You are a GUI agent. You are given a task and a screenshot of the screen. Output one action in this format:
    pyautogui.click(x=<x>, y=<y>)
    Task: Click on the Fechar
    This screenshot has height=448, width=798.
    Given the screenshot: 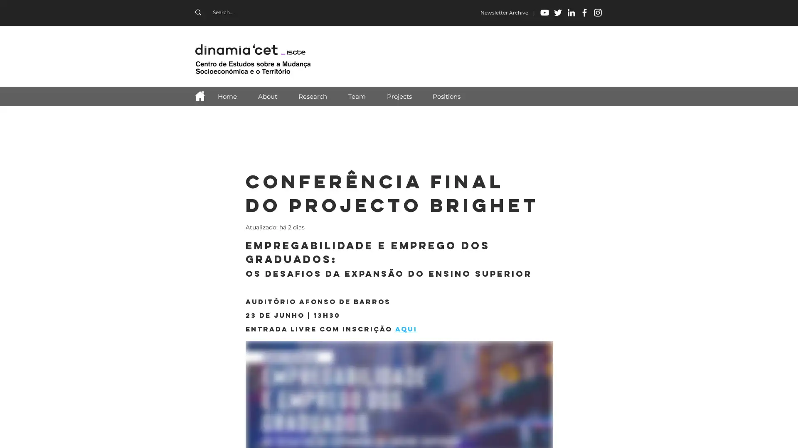 What is the action you would take?
    pyautogui.click(x=788, y=434)
    